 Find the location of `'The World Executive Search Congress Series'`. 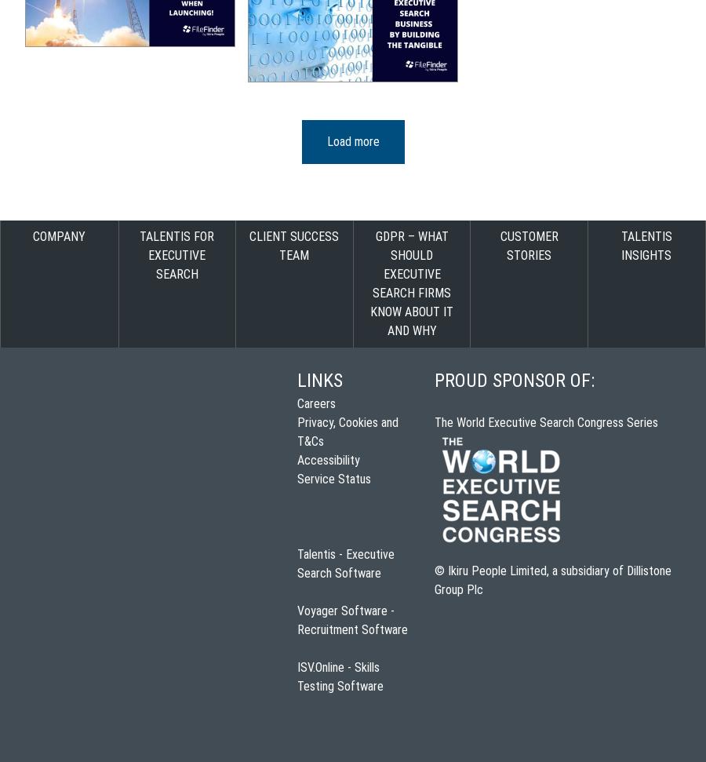

'The World Executive Search Congress Series' is located at coordinates (434, 421).